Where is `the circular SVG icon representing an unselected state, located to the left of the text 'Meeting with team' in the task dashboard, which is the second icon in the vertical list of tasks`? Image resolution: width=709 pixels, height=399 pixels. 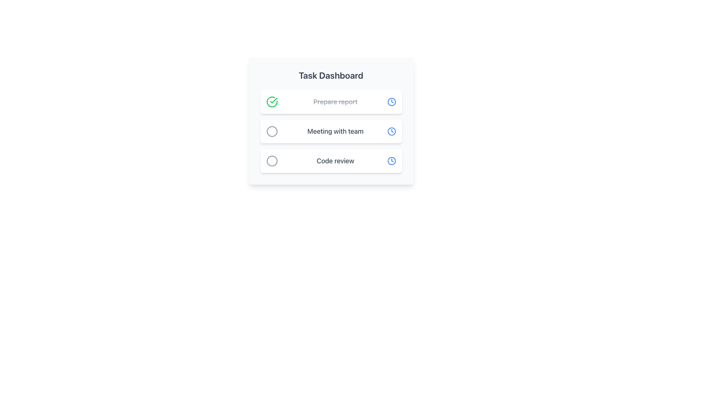 the circular SVG icon representing an unselected state, located to the left of the text 'Meeting with team' in the task dashboard, which is the second icon in the vertical list of tasks is located at coordinates (271, 131).